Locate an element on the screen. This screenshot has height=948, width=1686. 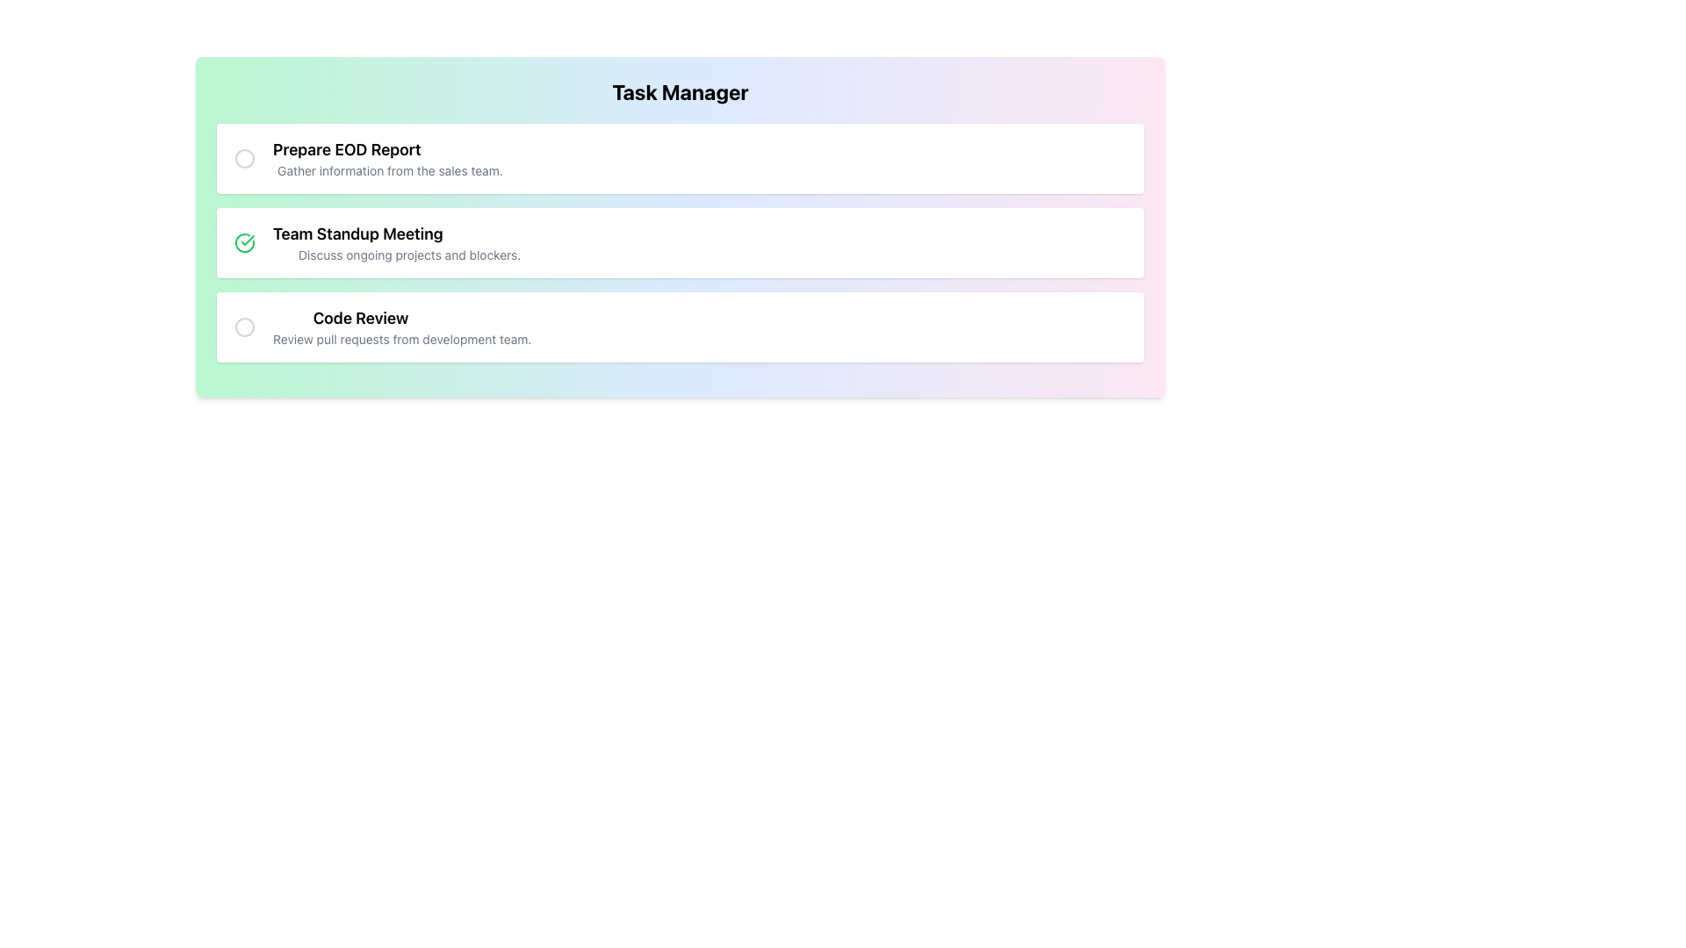
the secondary descriptive text located beneath the title 'Prepare EOD Report' within the first task item in the task management application is located at coordinates (389, 171).